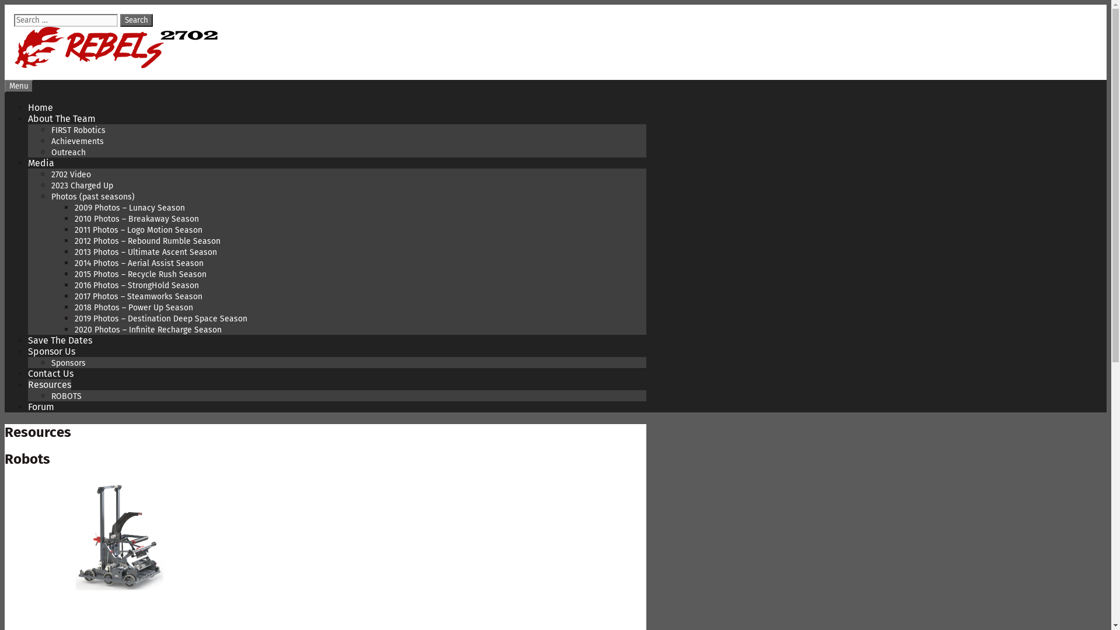  What do you see at coordinates (116, 65) in the screenshot?
I see `'2702 Rebels'` at bounding box center [116, 65].